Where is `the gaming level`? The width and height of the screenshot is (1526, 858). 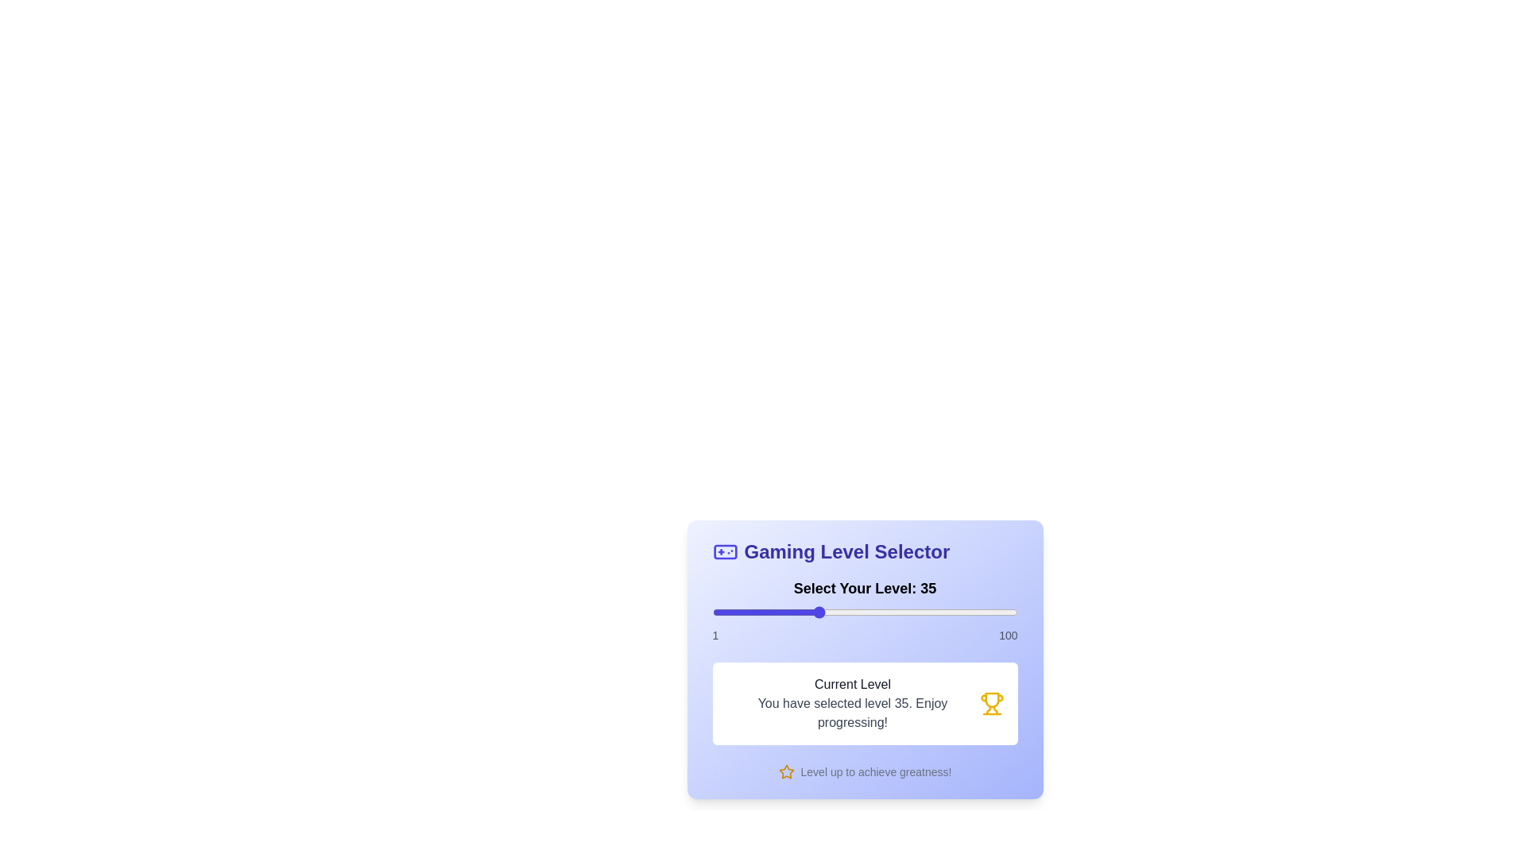 the gaming level is located at coordinates (922, 612).